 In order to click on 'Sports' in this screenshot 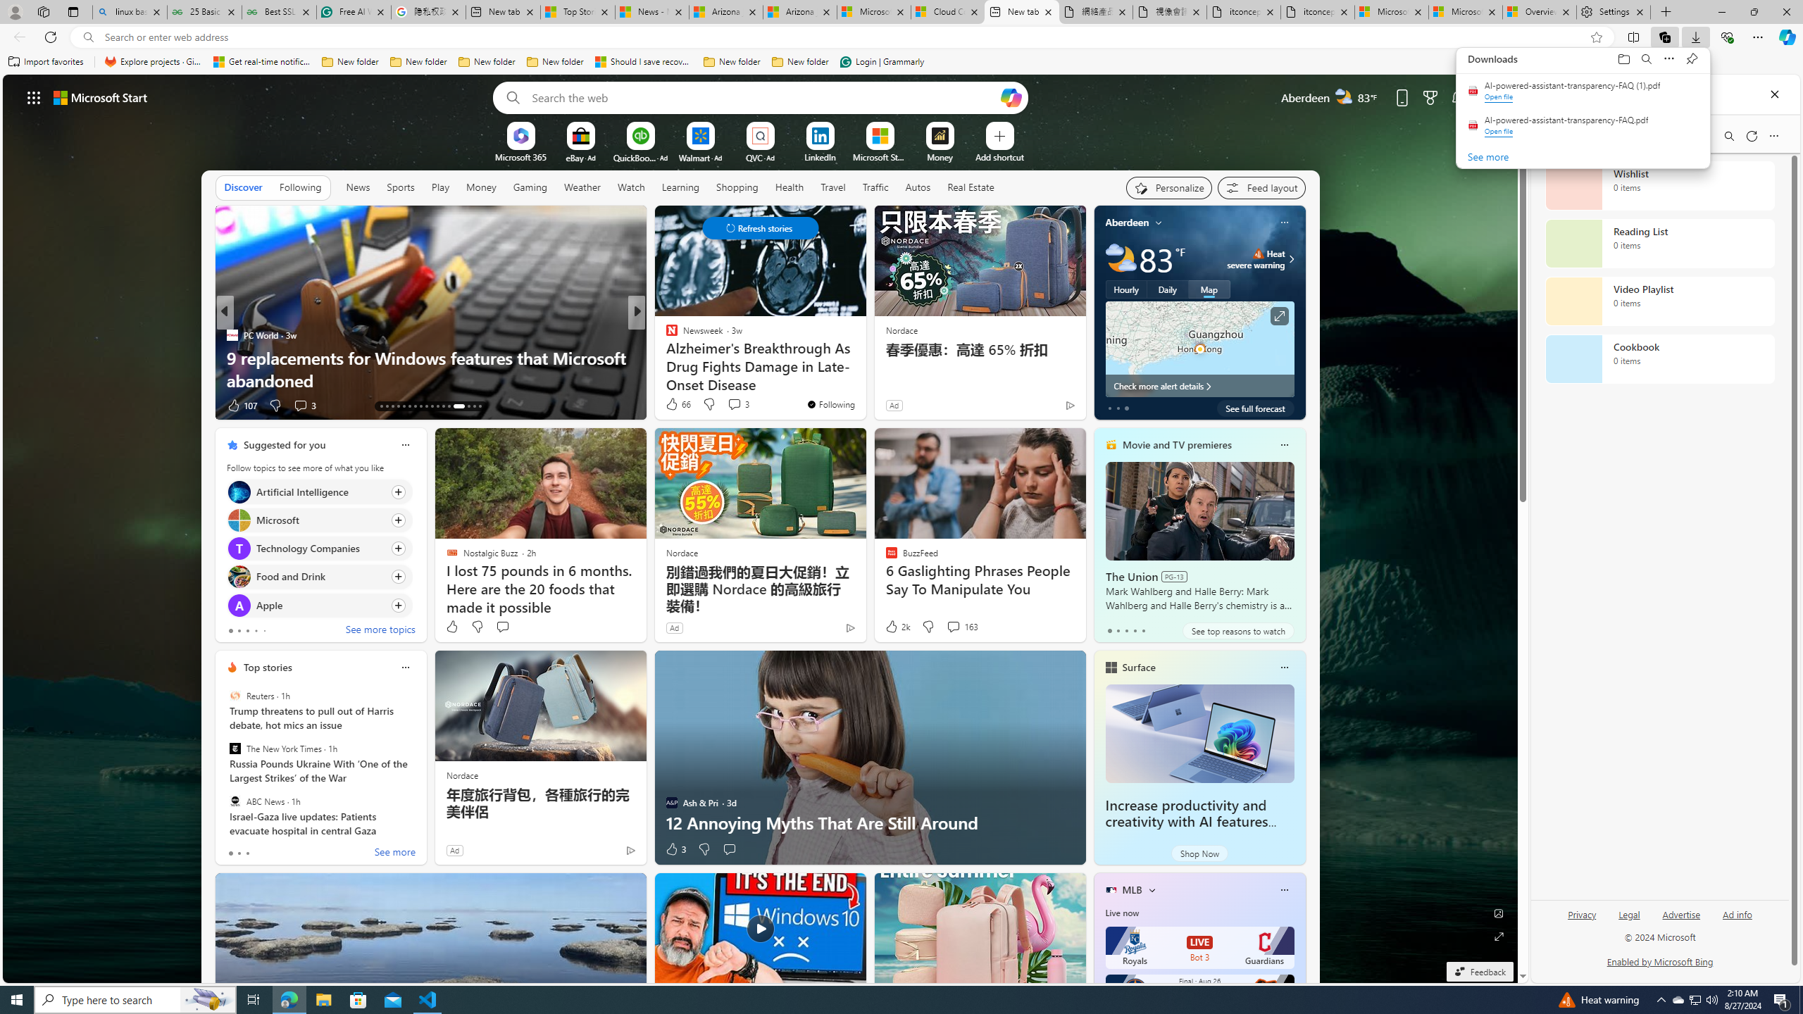, I will do `click(400, 186)`.